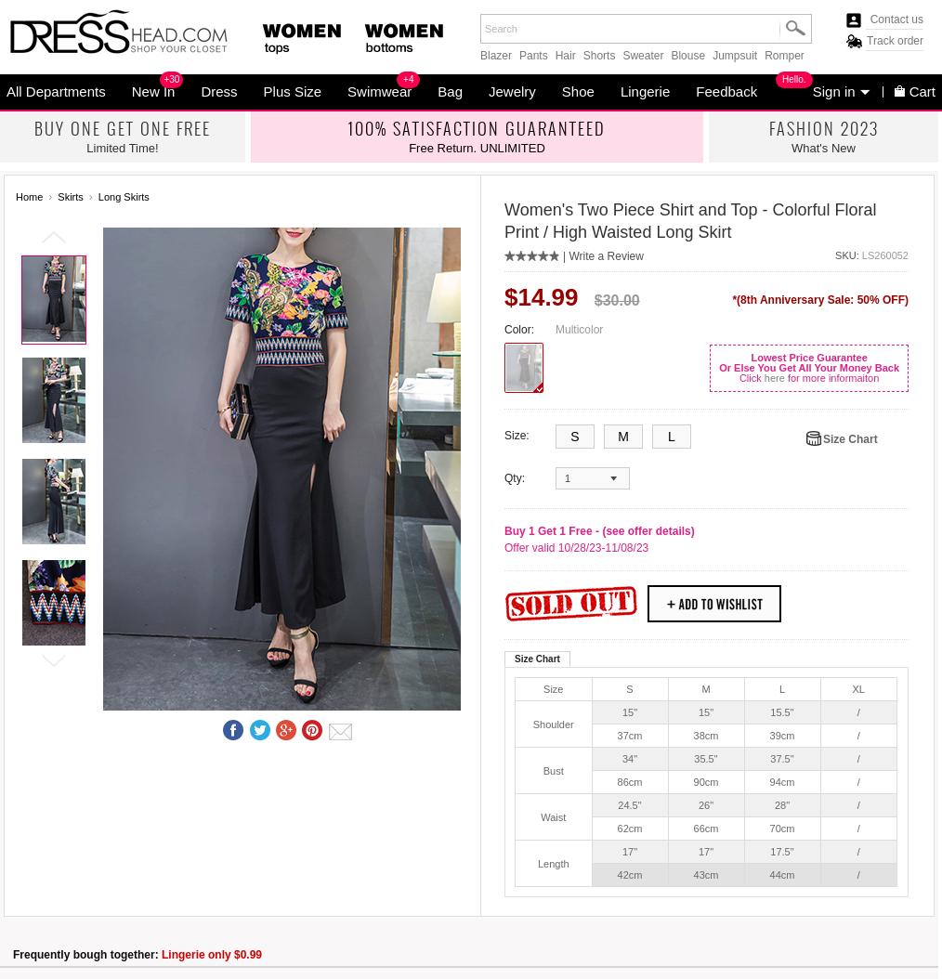  What do you see at coordinates (616, 781) in the screenshot?
I see `'86cm'` at bounding box center [616, 781].